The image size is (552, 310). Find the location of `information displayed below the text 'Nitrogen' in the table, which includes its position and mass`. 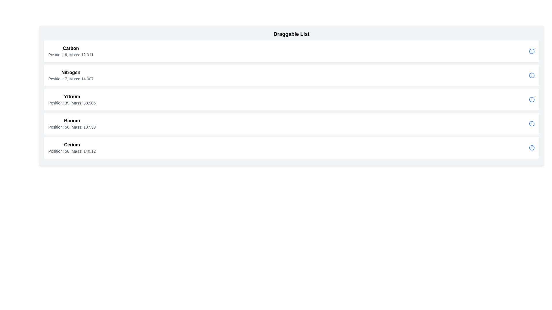

information displayed below the text 'Nitrogen' in the table, which includes its position and mass is located at coordinates (70, 79).